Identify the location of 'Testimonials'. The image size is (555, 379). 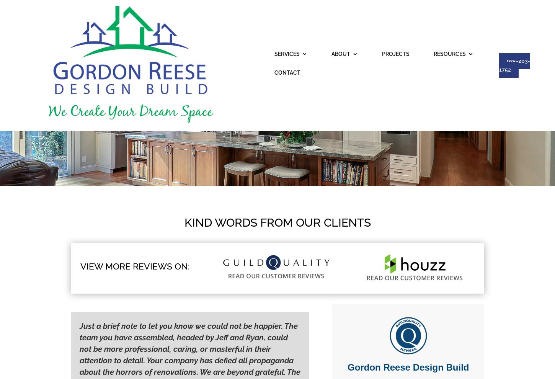
(230, 79).